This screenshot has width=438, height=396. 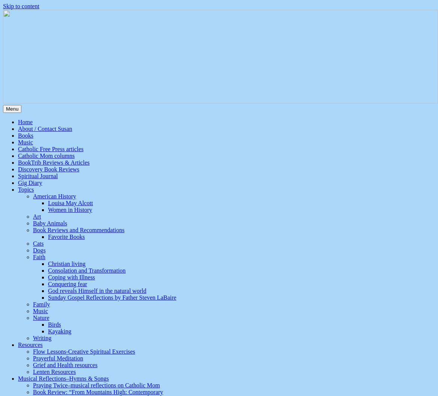 What do you see at coordinates (30, 182) in the screenshot?
I see `'Gig Diary'` at bounding box center [30, 182].